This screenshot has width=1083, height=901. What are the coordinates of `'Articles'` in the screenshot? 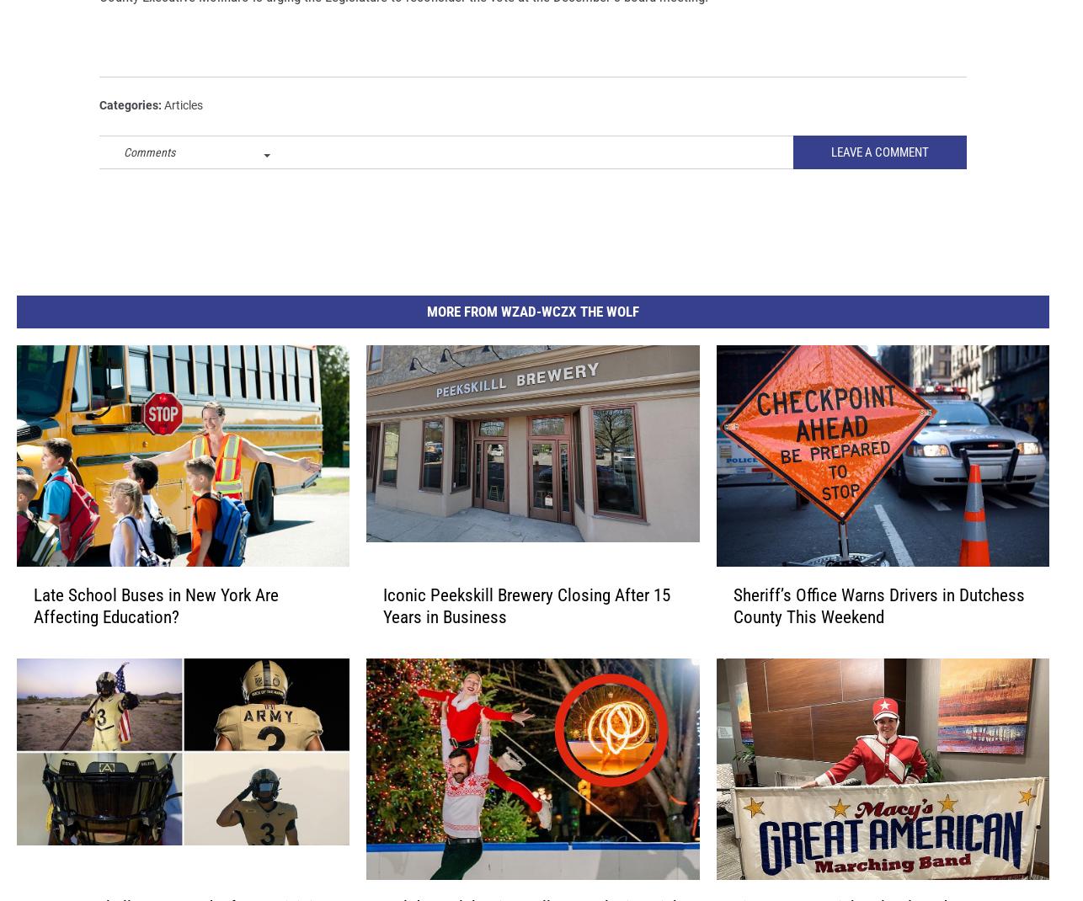 It's located at (183, 131).